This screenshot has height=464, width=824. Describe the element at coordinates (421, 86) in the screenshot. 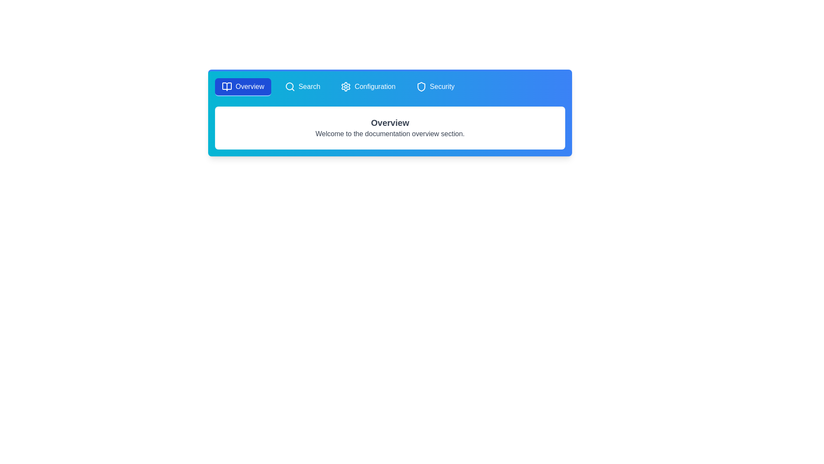

I see `the blue shield icon located in the top navigation bar, which is positioned to the right of the 'Configuration' section and near the 'Security' label` at that location.